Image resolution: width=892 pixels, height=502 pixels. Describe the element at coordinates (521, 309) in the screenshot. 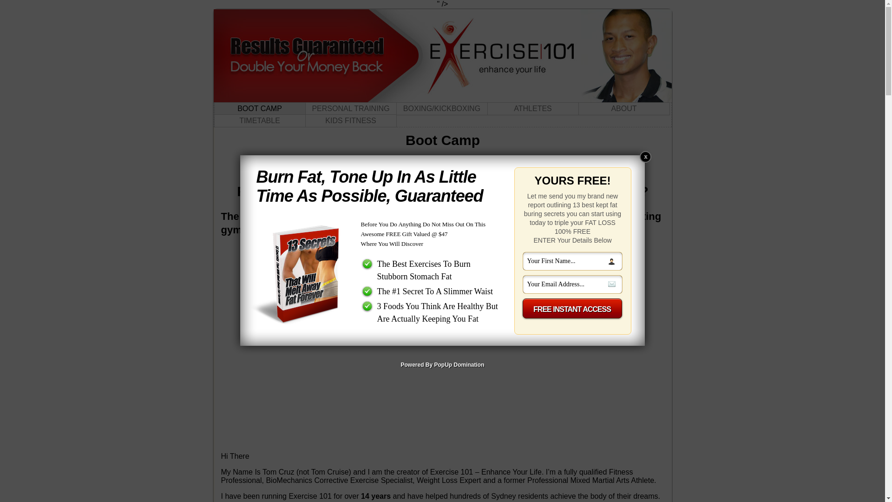

I see `'FREE INSTANT ACCESS'` at that location.